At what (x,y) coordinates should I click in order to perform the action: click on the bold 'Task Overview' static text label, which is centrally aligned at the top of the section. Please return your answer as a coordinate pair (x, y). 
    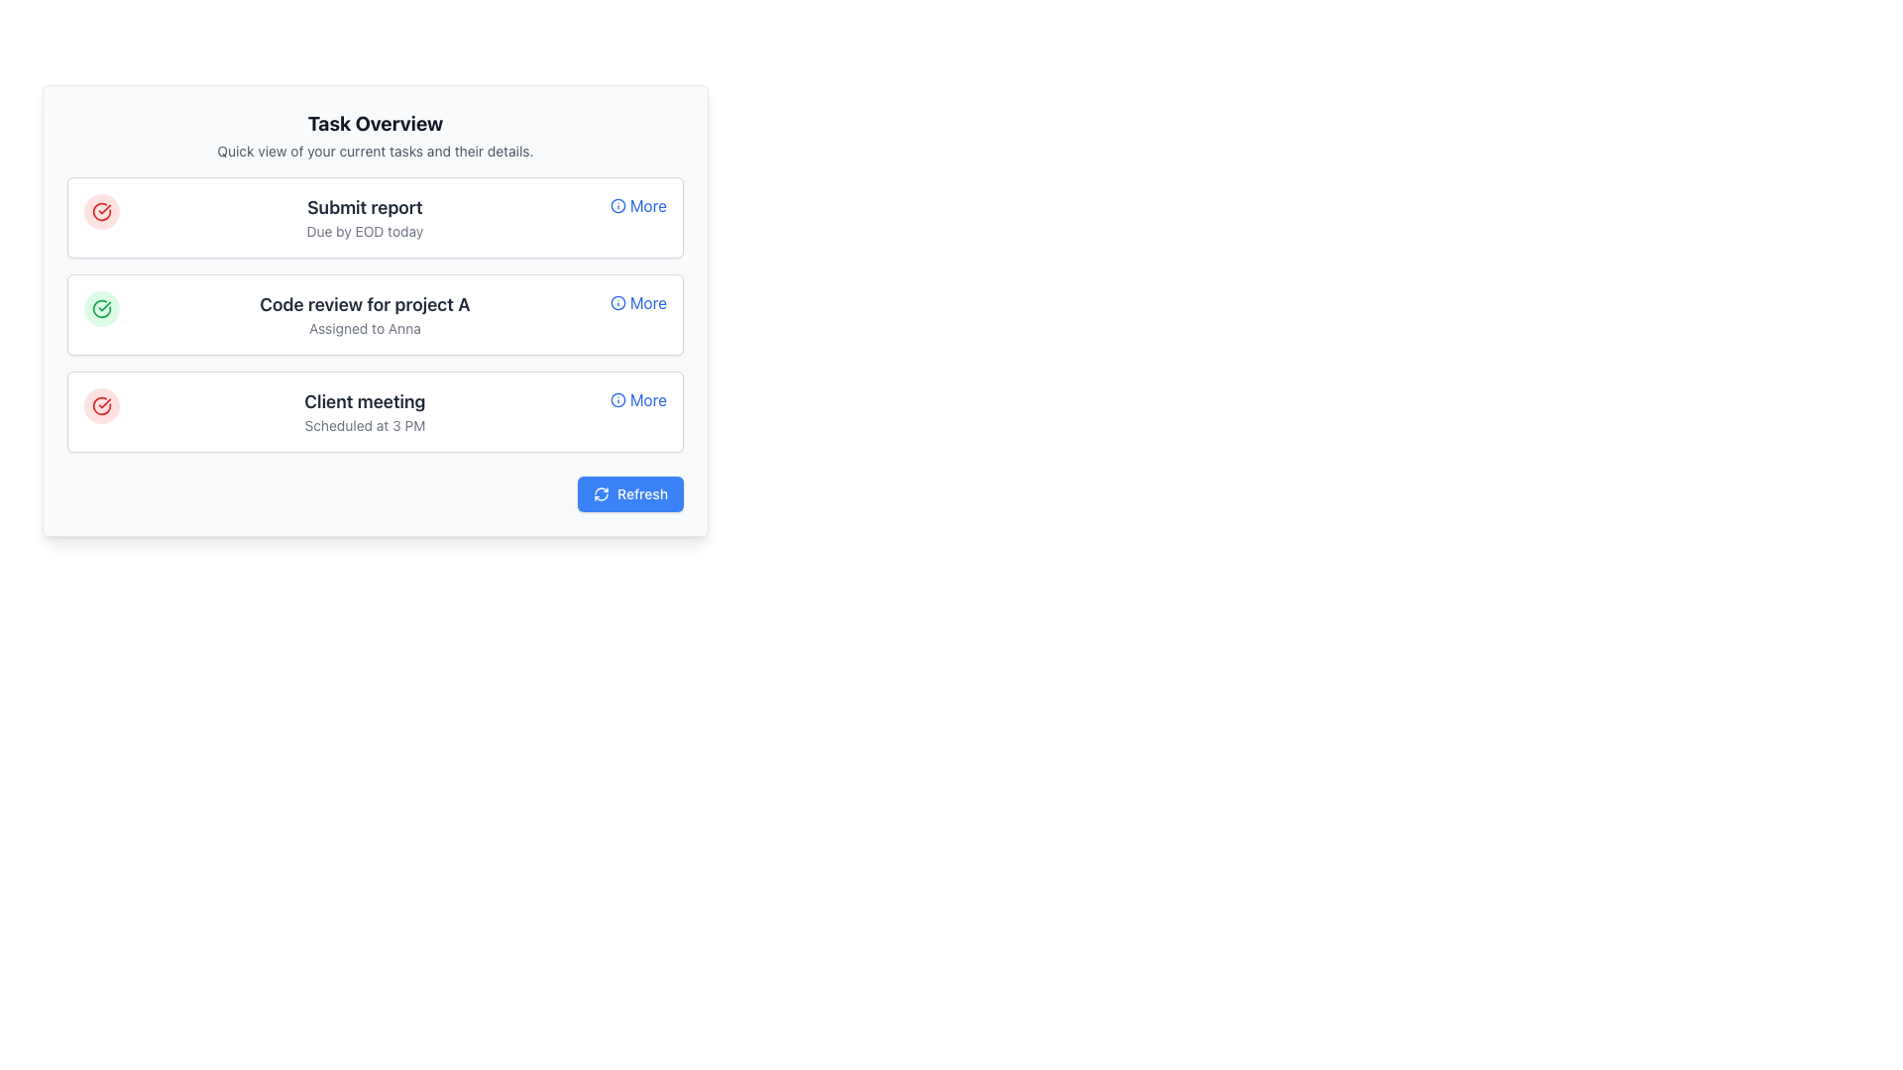
    Looking at the image, I should click on (376, 123).